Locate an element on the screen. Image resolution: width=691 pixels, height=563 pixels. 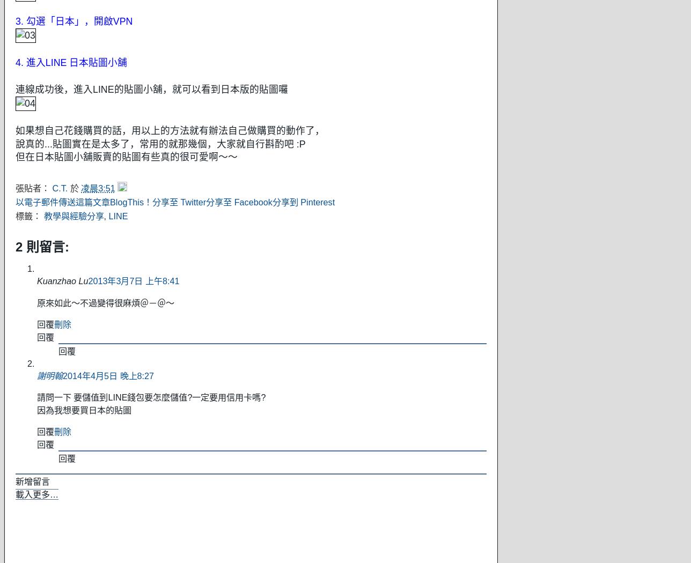
'3. 勾選「日本」，開啟VPN' is located at coordinates (73, 21).